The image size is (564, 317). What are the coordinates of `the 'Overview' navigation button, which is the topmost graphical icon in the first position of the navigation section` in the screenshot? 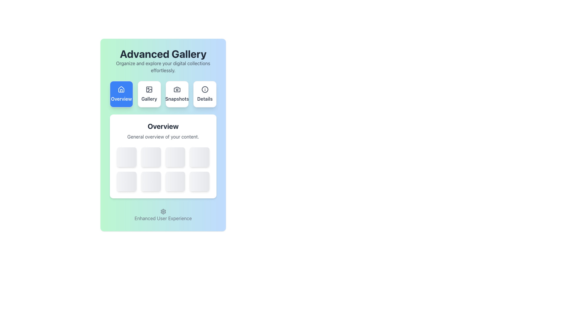 It's located at (121, 89).